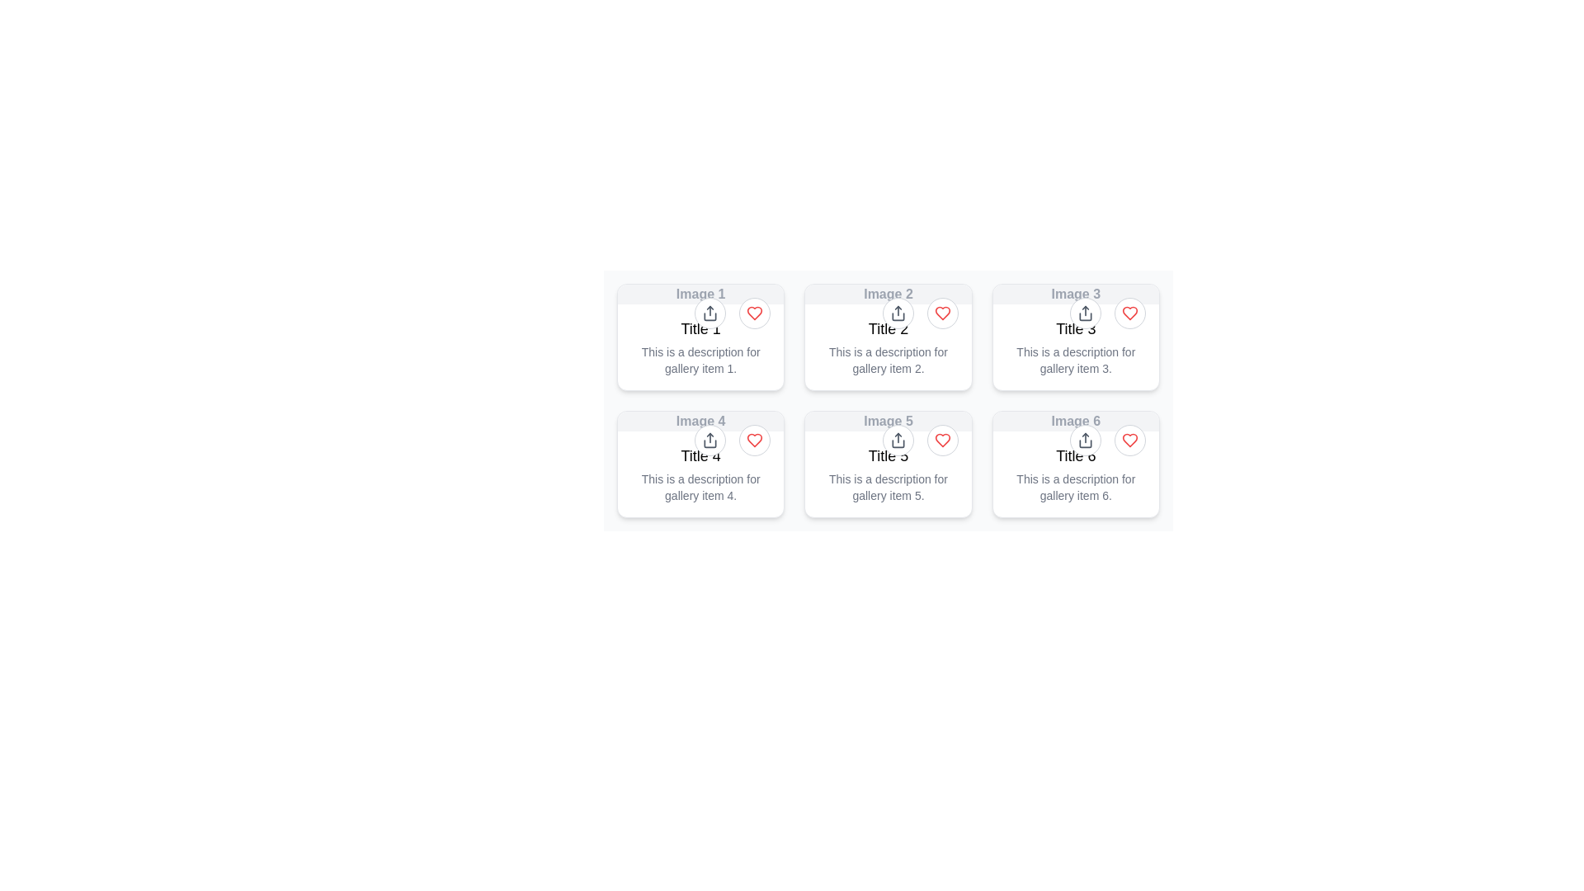 The image size is (1584, 891). Describe the element at coordinates (887, 486) in the screenshot. I see `textual description that says 'This is a description for gallery item 5.' located in the fifth card below 'Title 5'` at that location.